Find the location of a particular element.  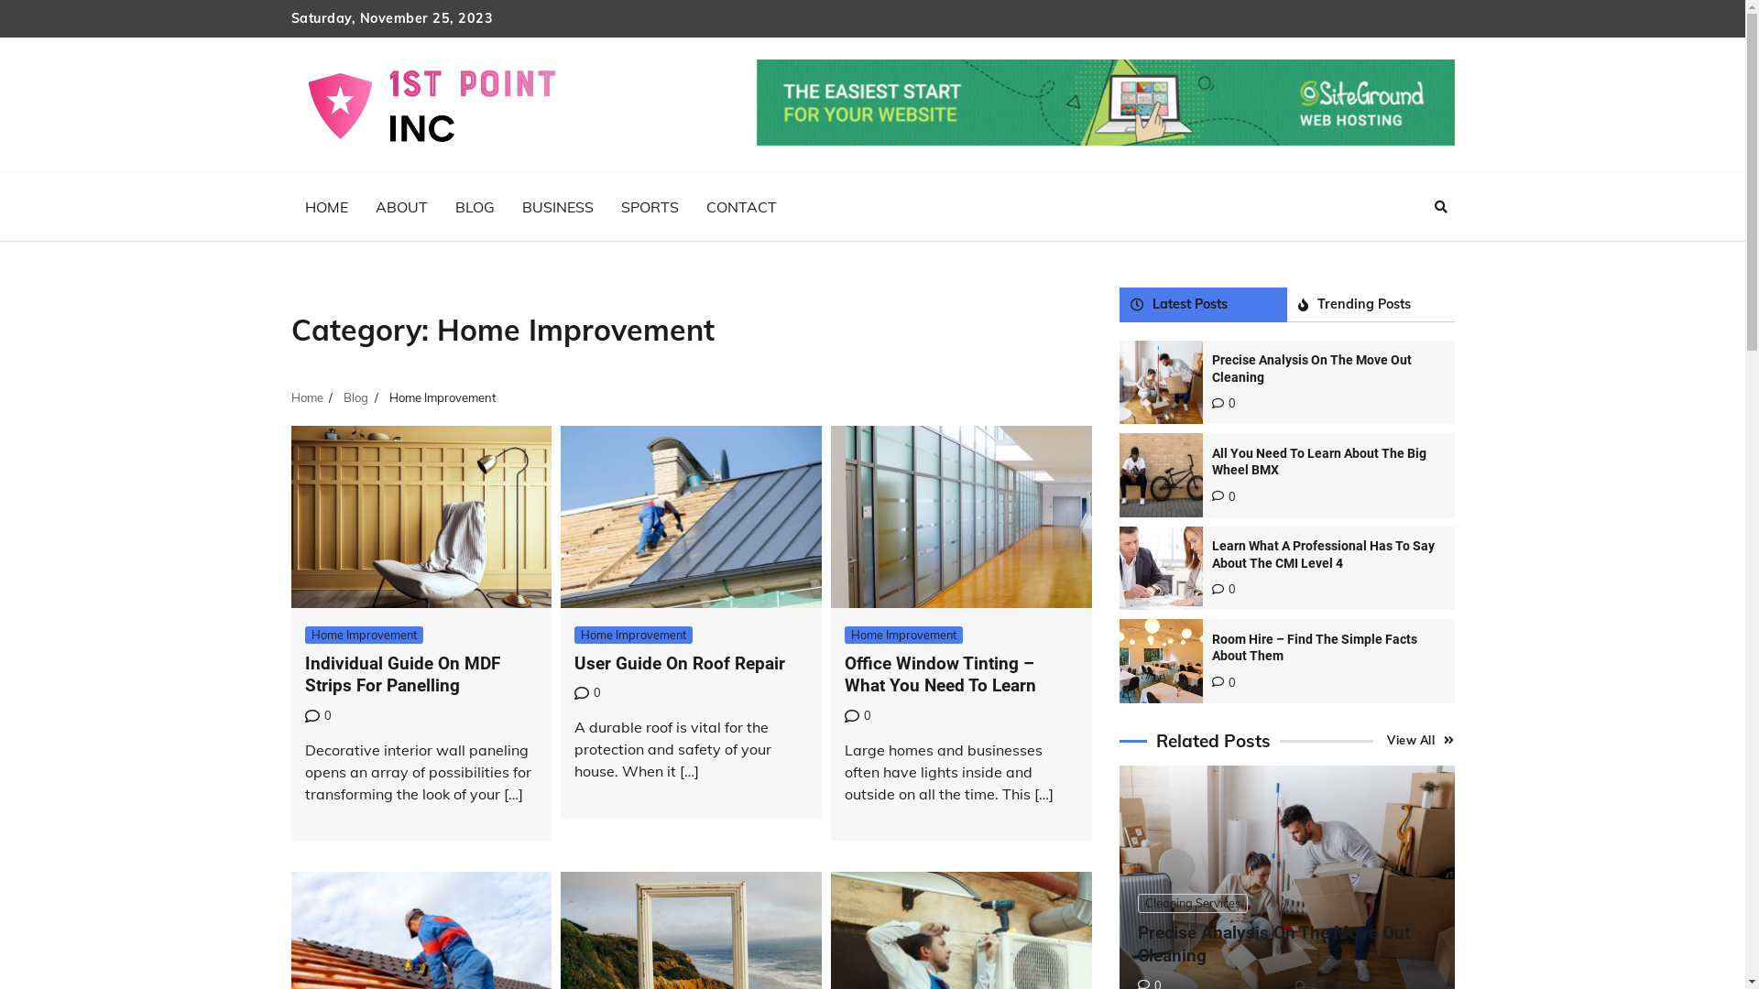

'Precise Analysis On The Move Out Cleaning' is located at coordinates (1310, 368).